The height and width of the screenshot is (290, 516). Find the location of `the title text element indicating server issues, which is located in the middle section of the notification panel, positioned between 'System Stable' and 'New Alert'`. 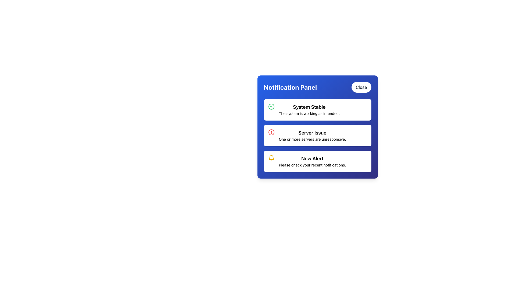

the title text element indicating server issues, which is located in the middle section of the notification panel, positioned between 'System Stable' and 'New Alert' is located at coordinates (312, 133).